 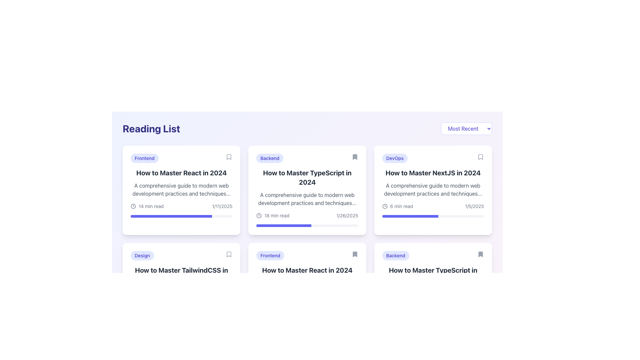 I want to click on the bookmark icon button located at the top-right corner of the card titled 'How to Master TypeScript in 2024' with the 'Backend' tag to change its color, so click(x=480, y=254).